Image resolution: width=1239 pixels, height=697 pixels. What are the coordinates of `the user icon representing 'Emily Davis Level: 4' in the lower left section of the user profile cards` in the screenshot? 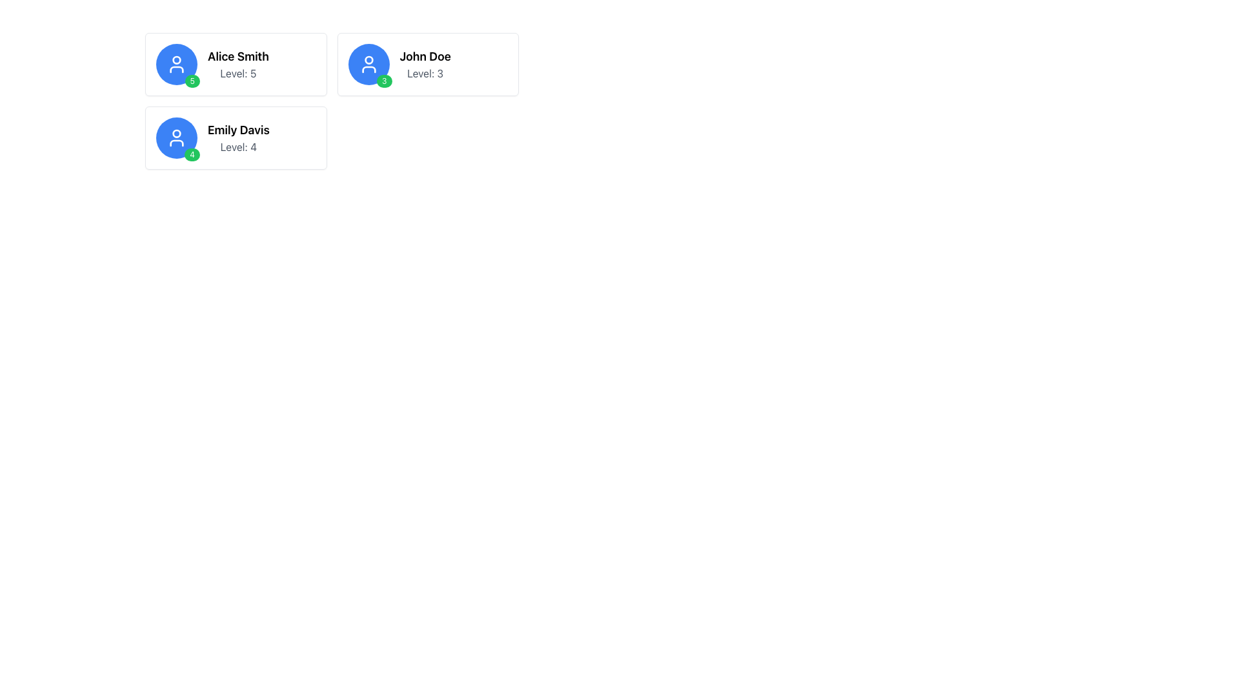 It's located at (176, 137).